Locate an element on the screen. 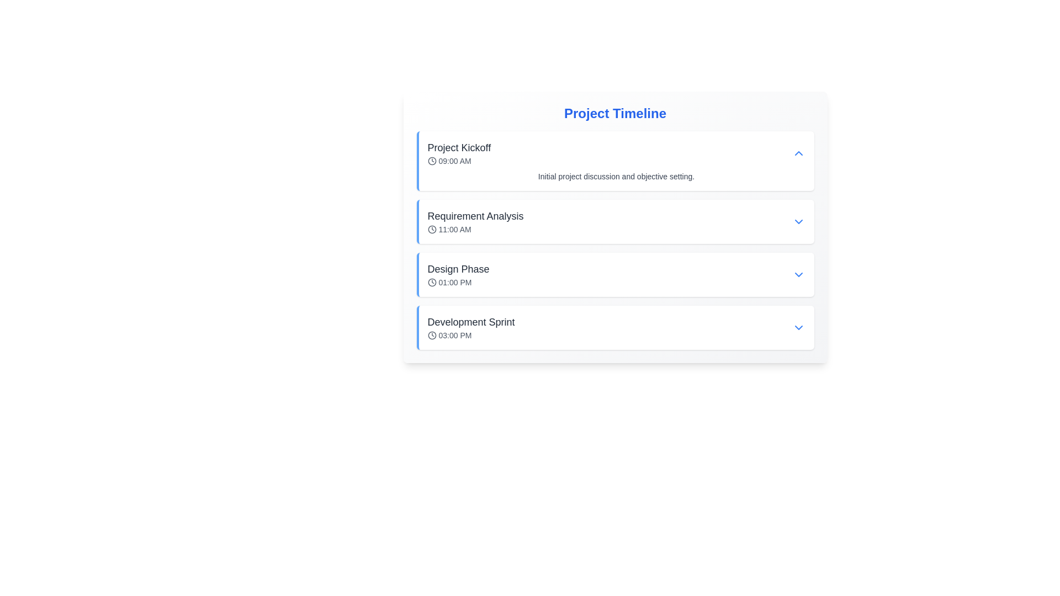 The height and width of the screenshot is (596, 1060). the explanatory text label located directly below the '09:00 AM' text in the 'Project Kickoff' section of the 'Project Timeline' interface, which is part of a rounded white card with a blue border is located at coordinates (616, 176).